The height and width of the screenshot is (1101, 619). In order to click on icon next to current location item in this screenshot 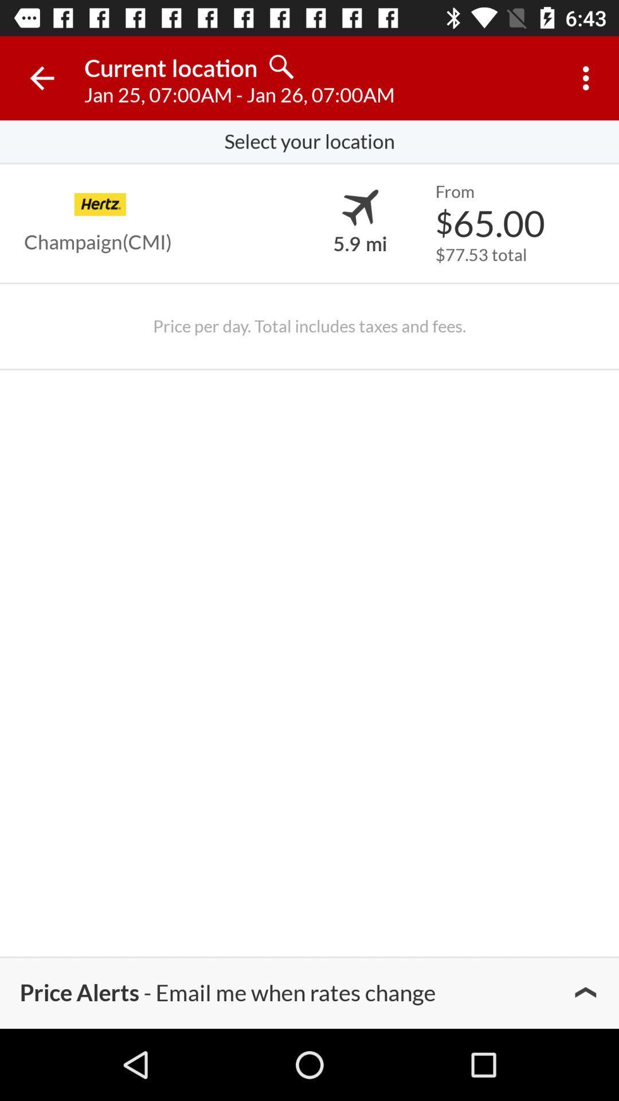, I will do `click(41, 77)`.